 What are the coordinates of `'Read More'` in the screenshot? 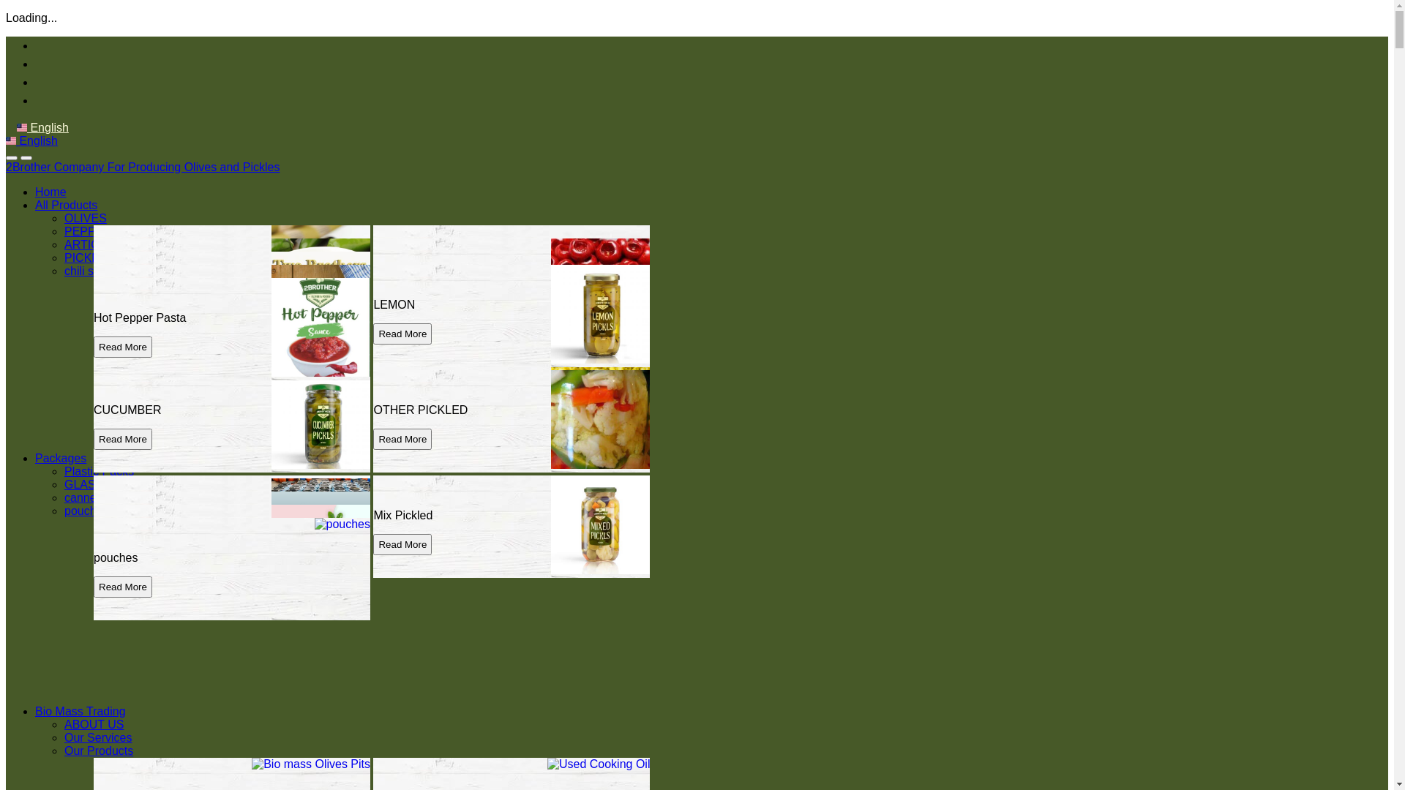 It's located at (123, 294).